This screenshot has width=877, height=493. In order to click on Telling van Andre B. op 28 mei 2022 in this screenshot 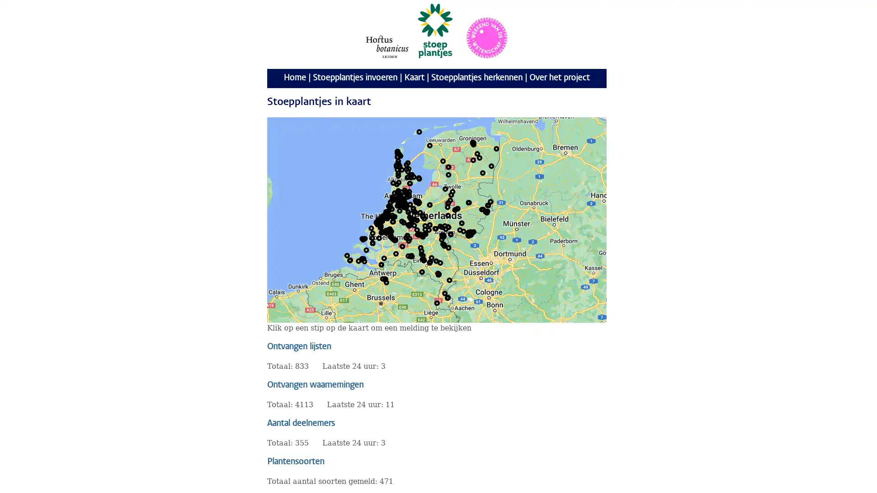, I will do `click(385, 218)`.